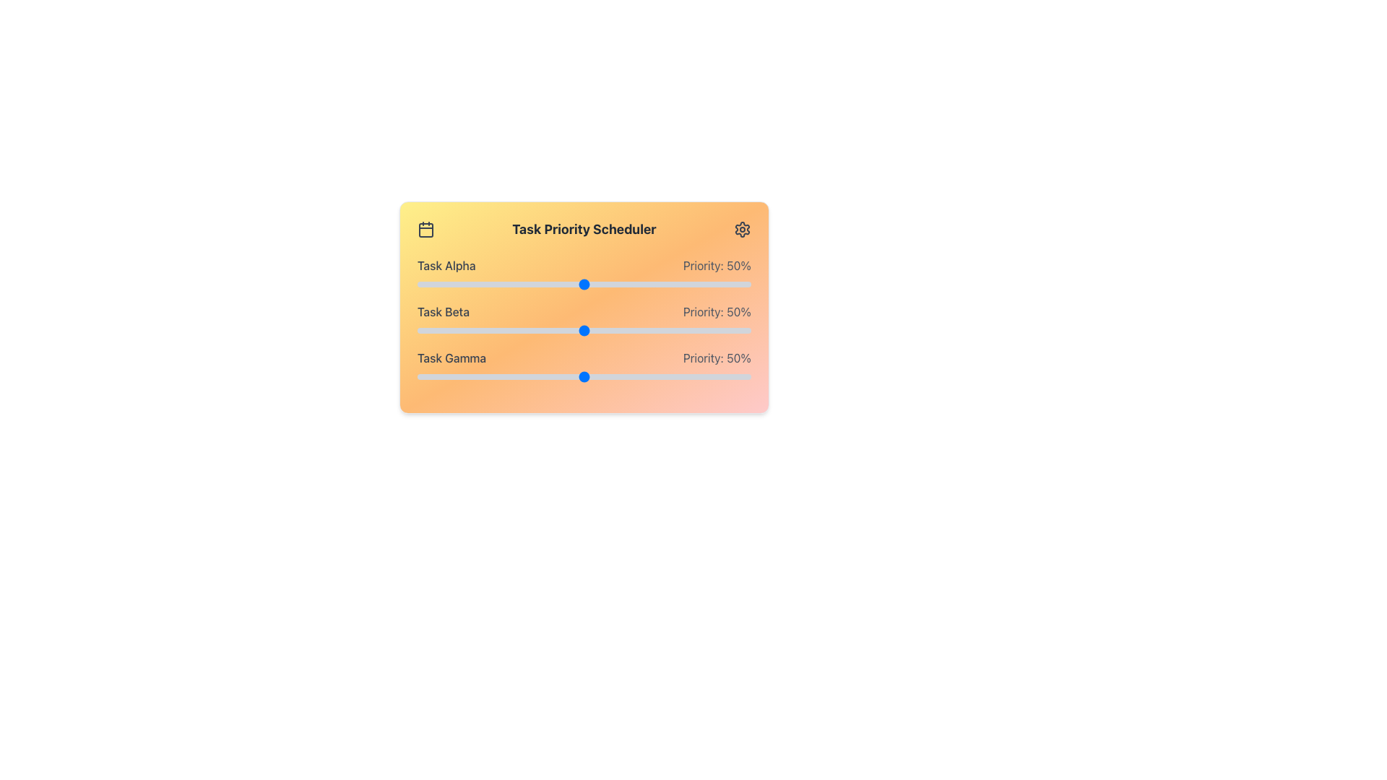 The height and width of the screenshot is (780, 1387). What do you see at coordinates (614, 376) in the screenshot?
I see `task priority` at bounding box center [614, 376].